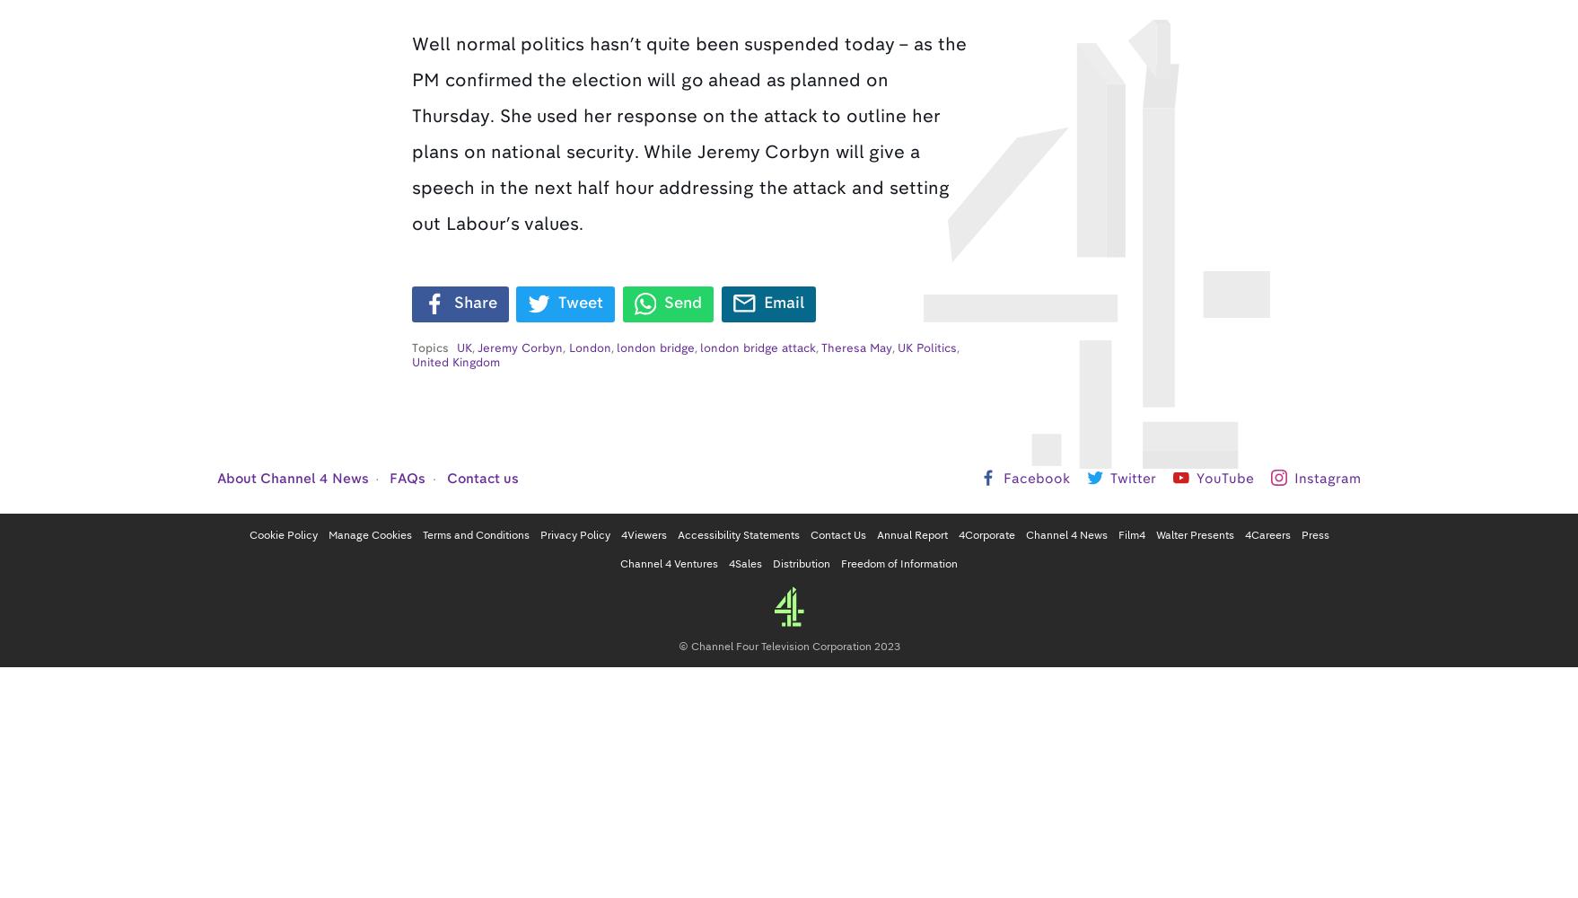 The image size is (1578, 898). I want to click on 'Contact Us', so click(837, 533).